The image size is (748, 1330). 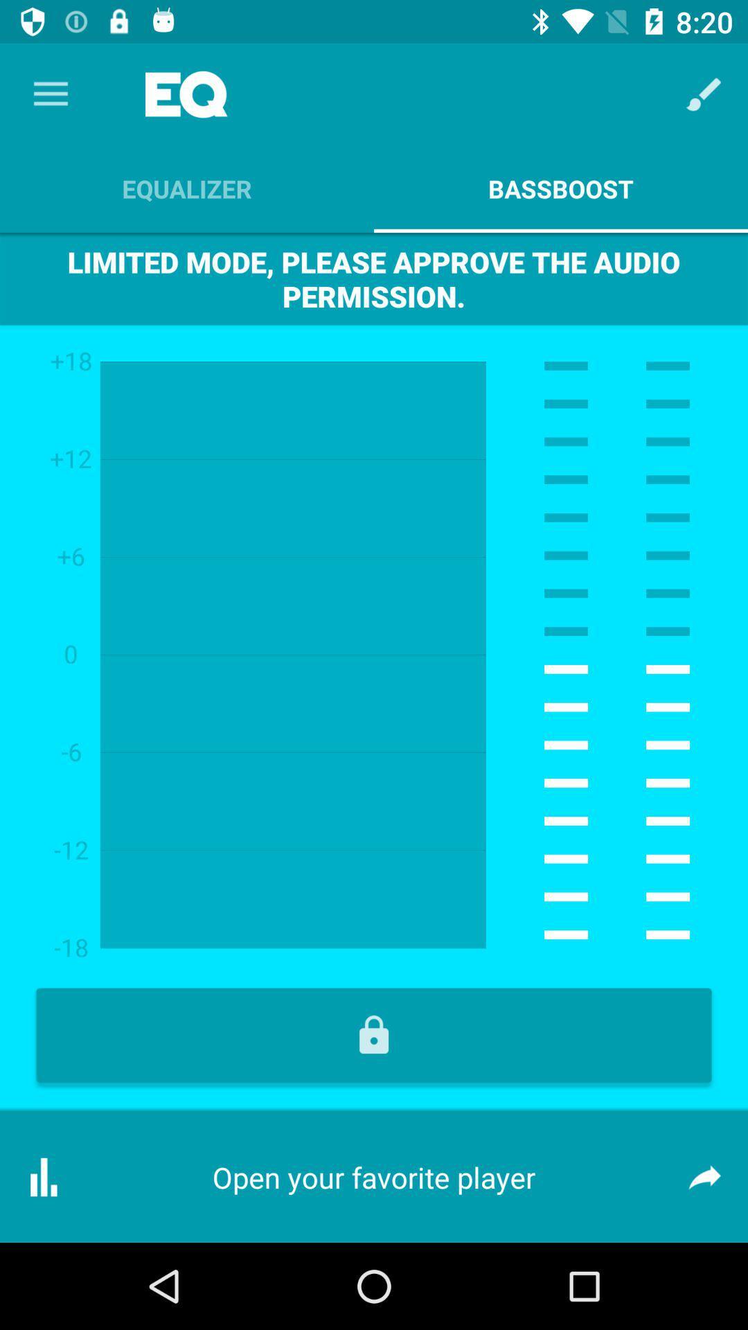 What do you see at coordinates (704, 94) in the screenshot?
I see `app to the right of the equalizer app` at bounding box center [704, 94].